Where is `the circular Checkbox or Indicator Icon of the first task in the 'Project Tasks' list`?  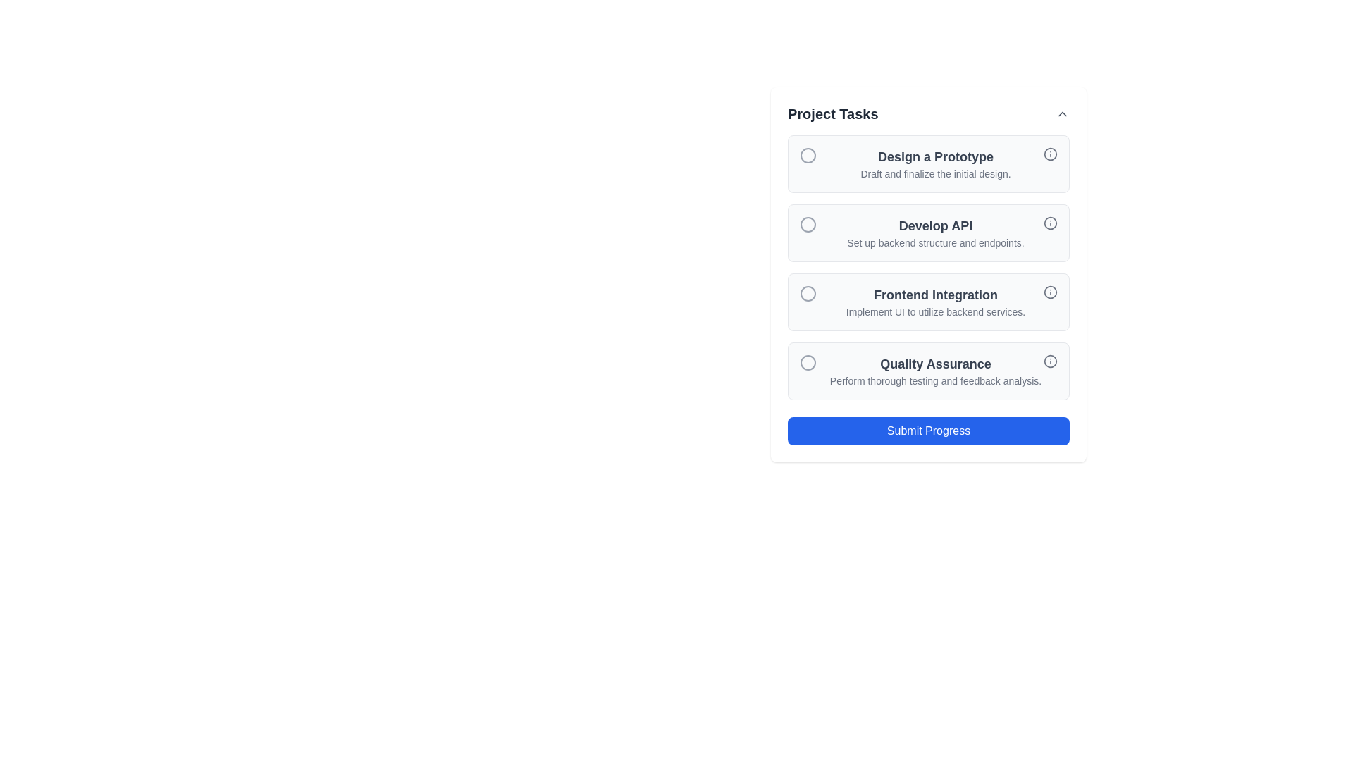
the circular Checkbox or Indicator Icon of the first task in the 'Project Tasks' list is located at coordinates (808, 155).